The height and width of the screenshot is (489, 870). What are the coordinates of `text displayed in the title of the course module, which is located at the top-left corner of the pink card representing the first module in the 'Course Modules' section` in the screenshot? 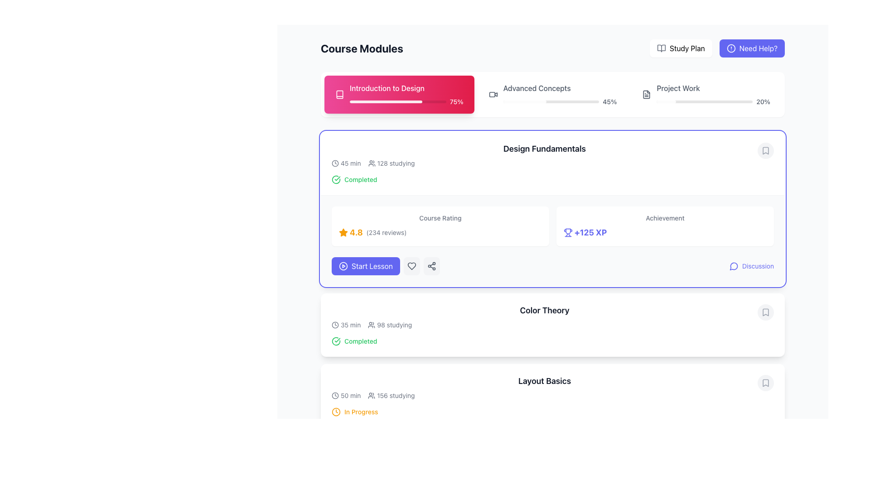 It's located at (406, 88).